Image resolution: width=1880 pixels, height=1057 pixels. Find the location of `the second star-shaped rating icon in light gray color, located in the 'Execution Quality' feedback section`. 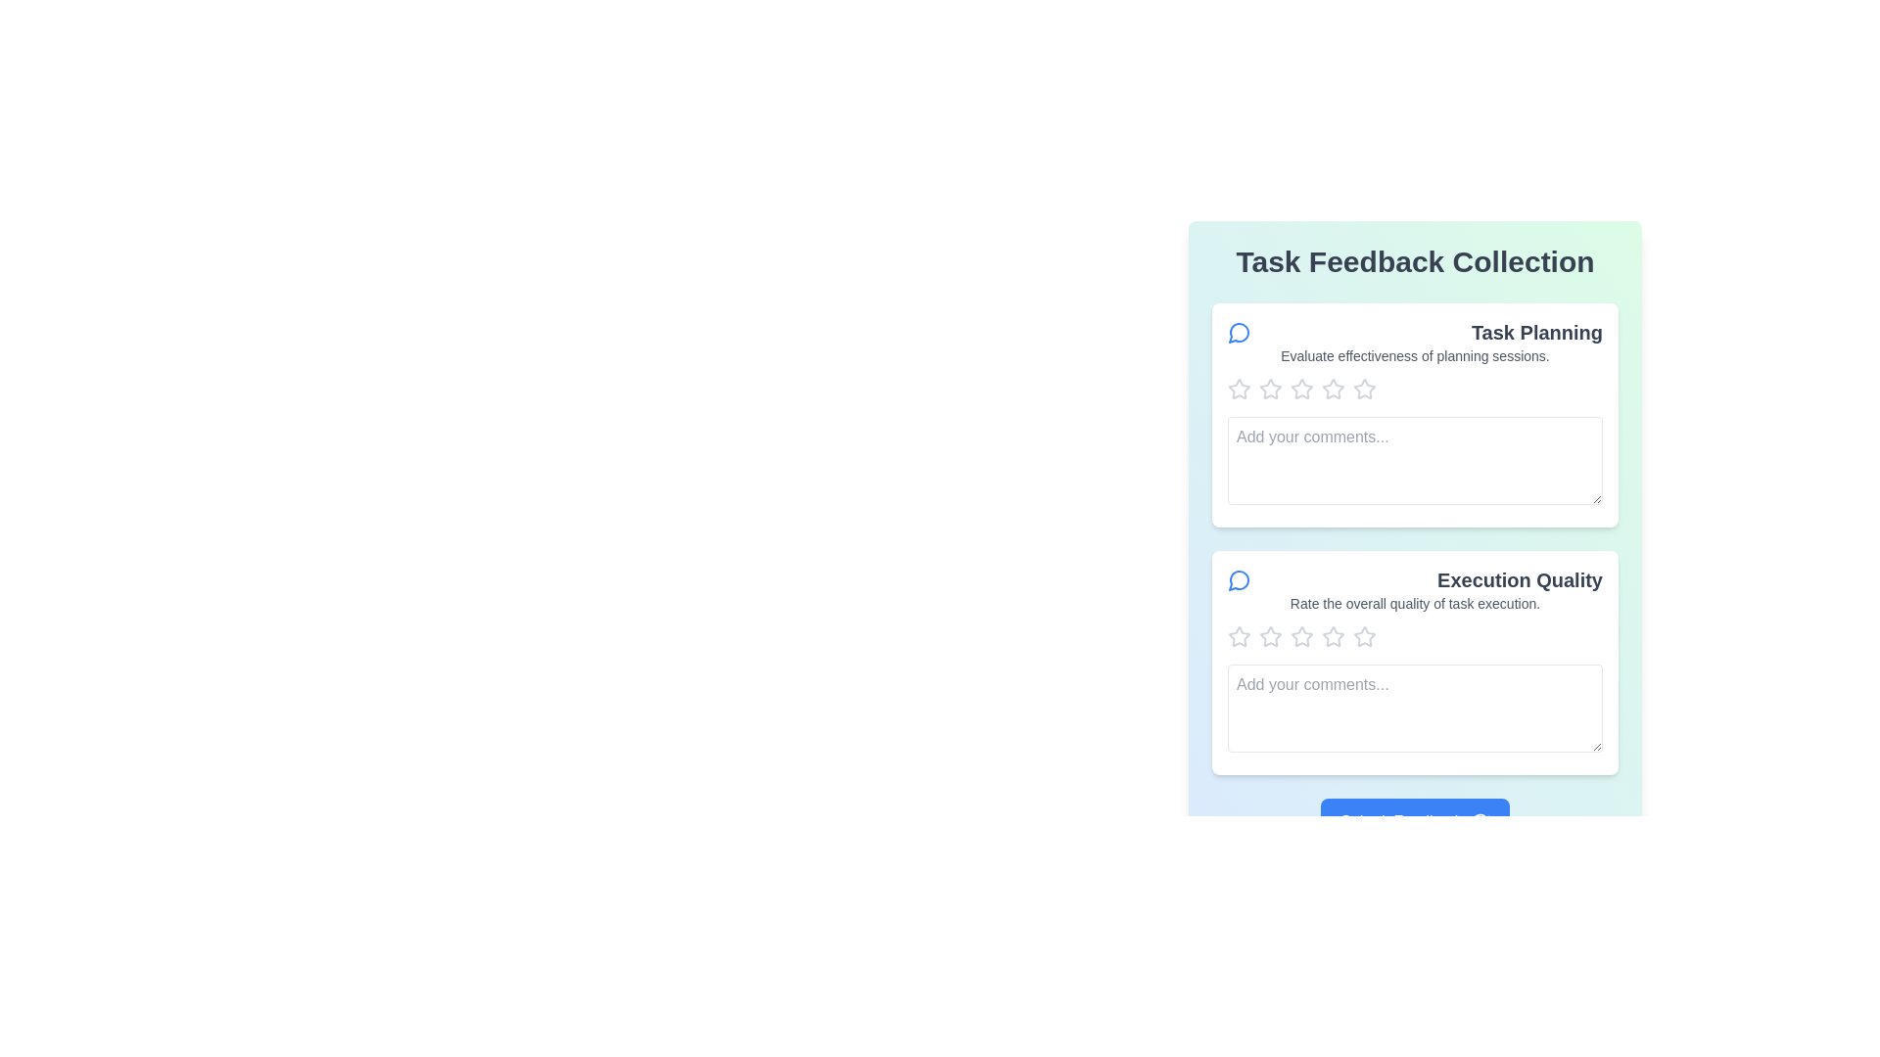

the second star-shaped rating icon in light gray color, located in the 'Execution Quality' feedback section is located at coordinates (1301, 636).